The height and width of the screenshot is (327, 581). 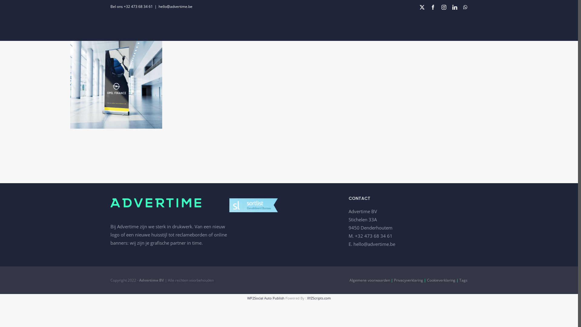 What do you see at coordinates (374, 244) in the screenshot?
I see `'hello@advertime.be'` at bounding box center [374, 244].